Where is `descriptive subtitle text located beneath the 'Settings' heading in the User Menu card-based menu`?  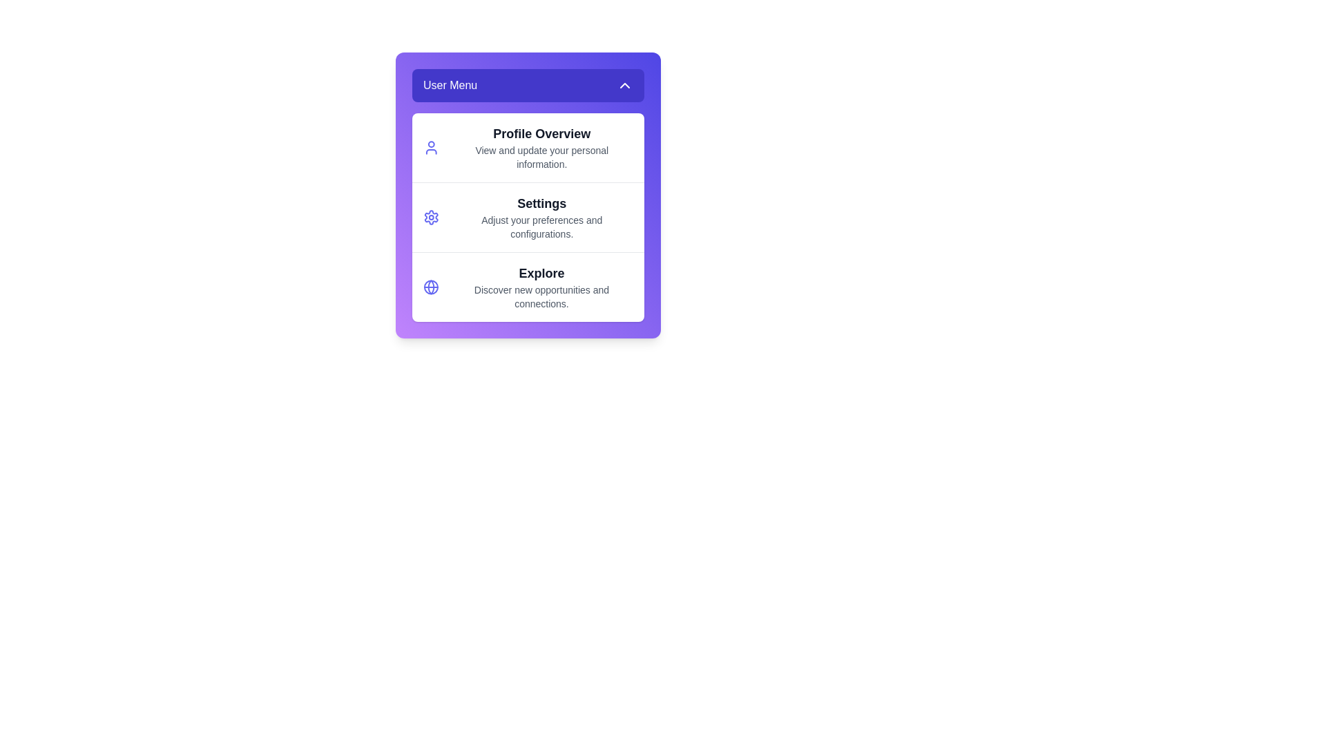
descriptive subtitle text located beneath the 'Settings' heading in the User Menu card-based menu is located at coordinates (541, 226).